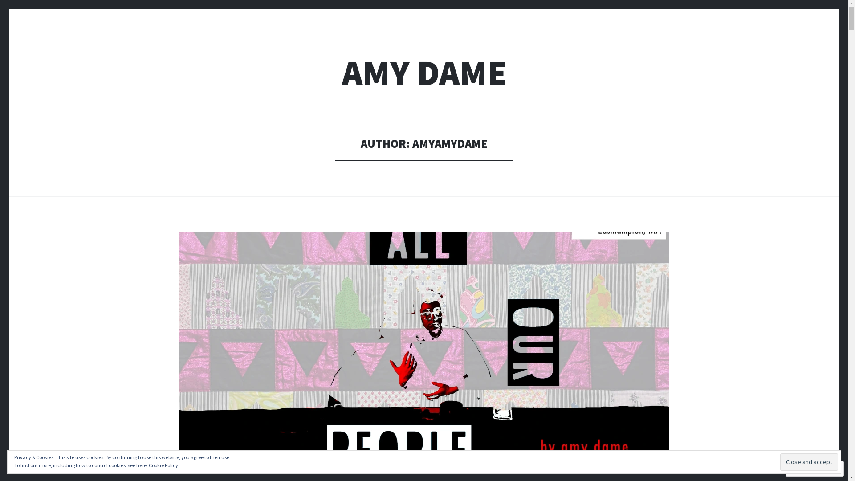  What do you see at coordinates (809, 461) in the screenshot?
I see `'Close and accept'` at bounding box center [809, 461].